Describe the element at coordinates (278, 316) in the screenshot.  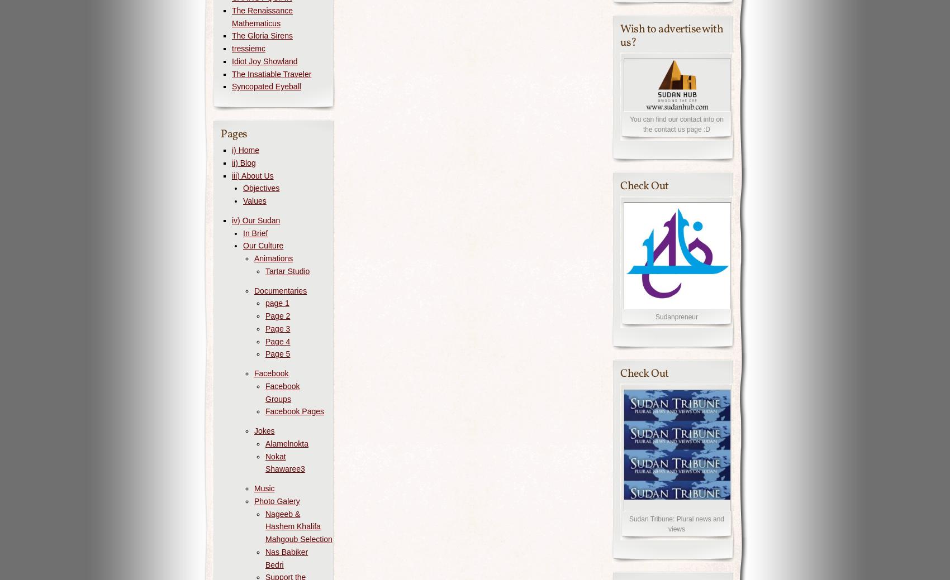
I see `'Page 2'` at that location.